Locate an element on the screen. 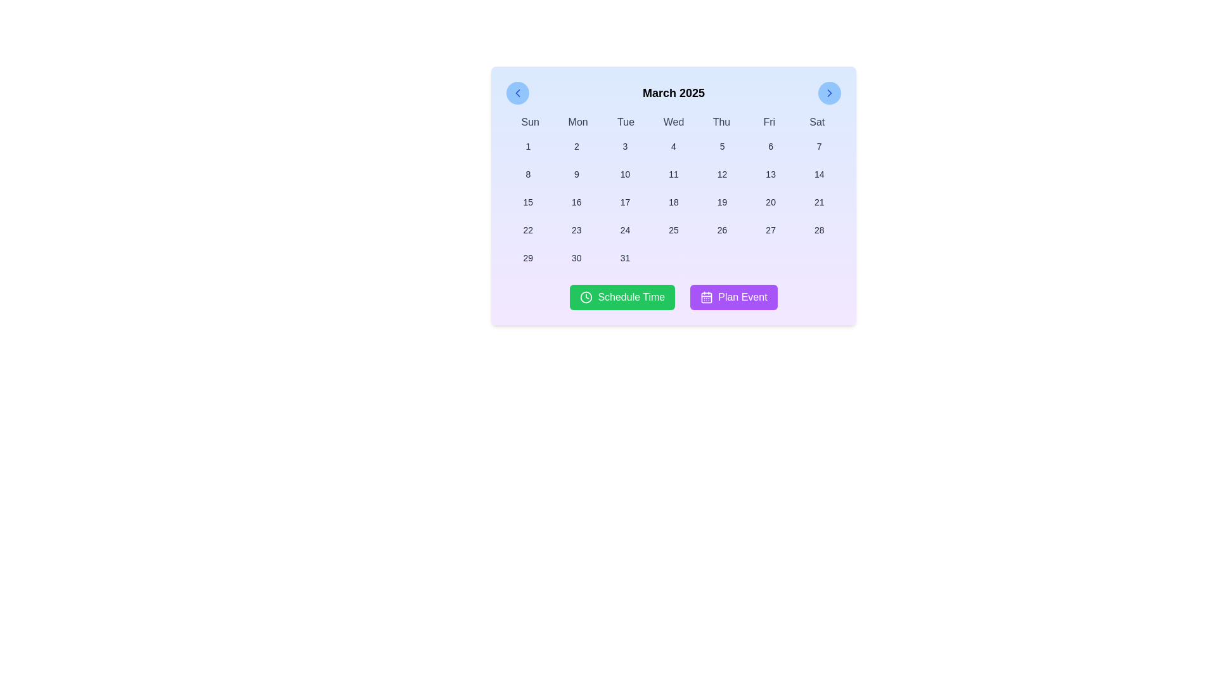  the event planning button located at the bottom center of the calendar interface, immediately to the right of the 'Schedule Time' button is located at coordinates (733, 297).